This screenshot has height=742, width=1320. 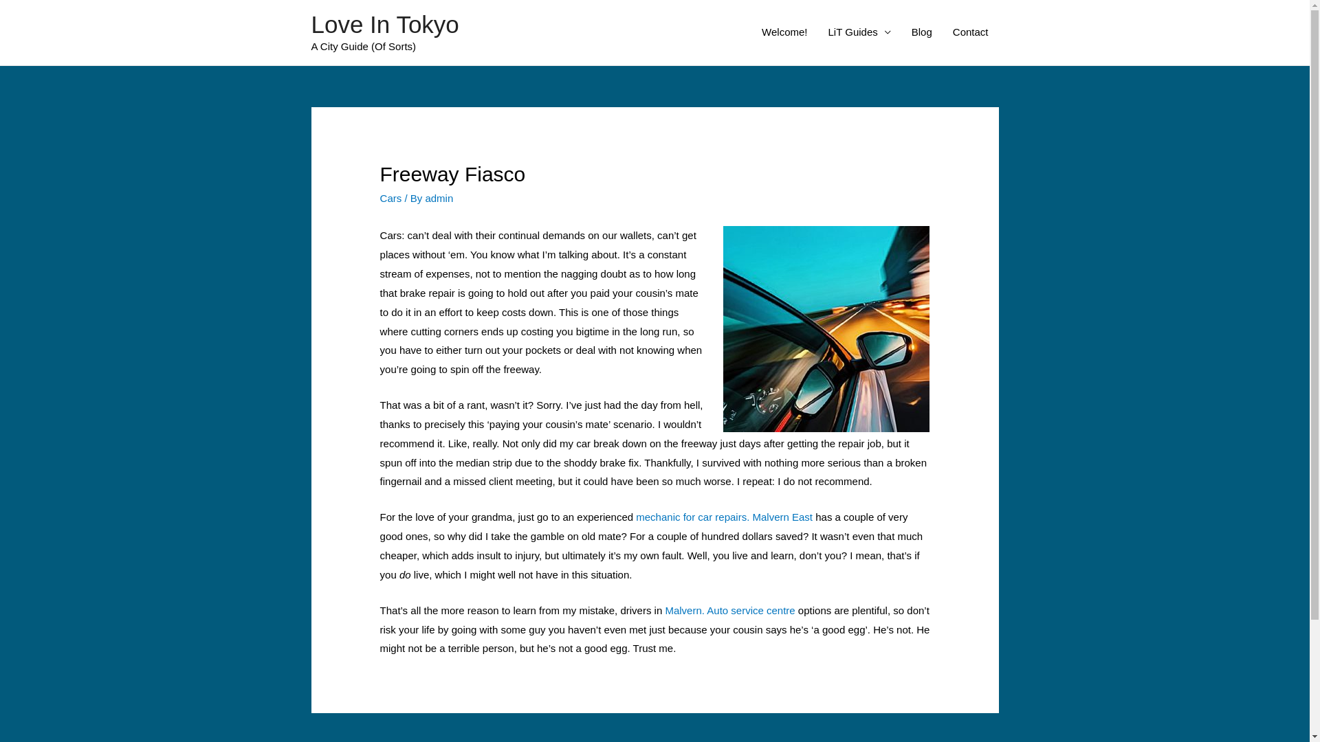 I want to click on 'Blog', so click(x=921, y=31).